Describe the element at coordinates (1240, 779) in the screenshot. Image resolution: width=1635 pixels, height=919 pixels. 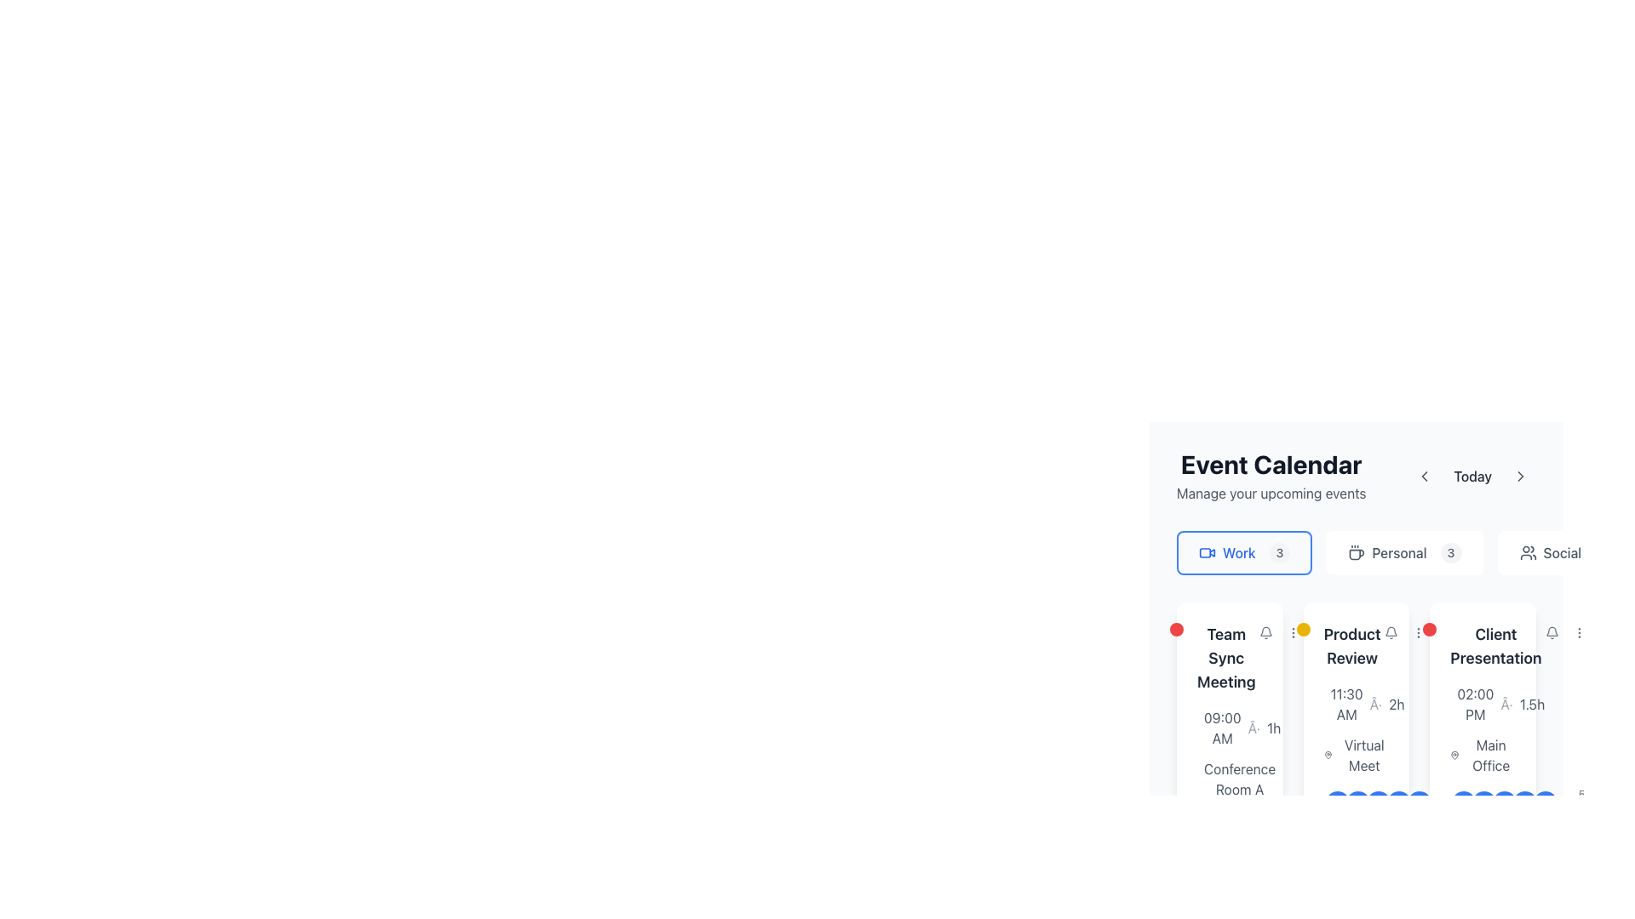
I see `the Text Label displaying 'Conference Room A' located at the bottom of the event card for 'Team Sync Meeting'` at that location.